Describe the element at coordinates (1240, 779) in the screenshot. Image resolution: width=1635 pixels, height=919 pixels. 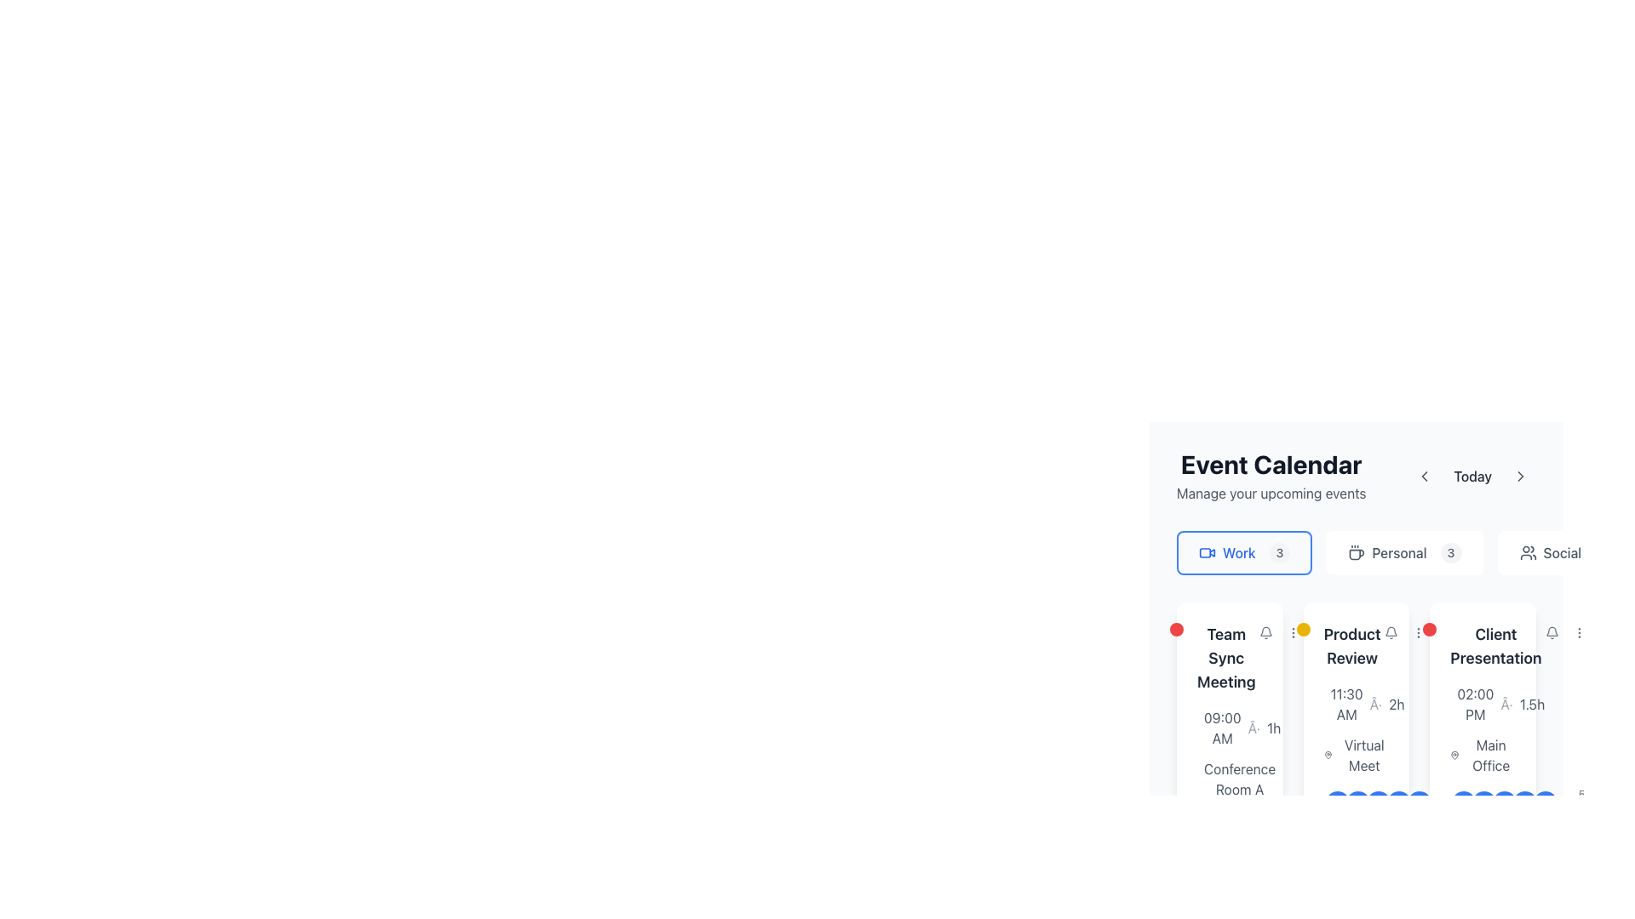
I see `the Text Label displaying 'Conference Room A' located at the bottom of the event card for 'Team Sync Meeting'` at that location.